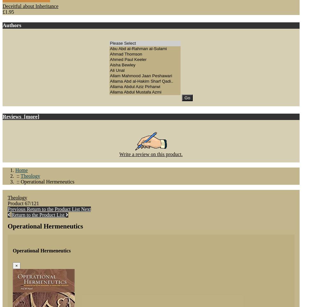  Describe the element at coordinates (8, 11) in the screenshot. I see `'£1.95'` at that location.